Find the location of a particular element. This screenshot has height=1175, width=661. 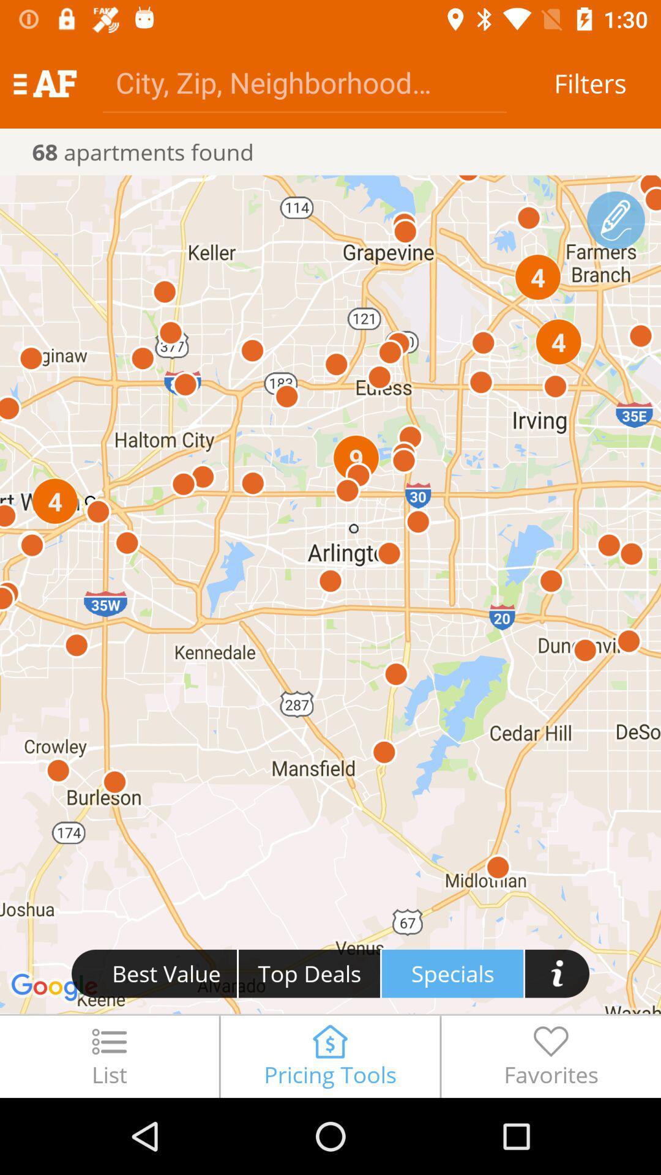

route is located at coordinates (616, 220).